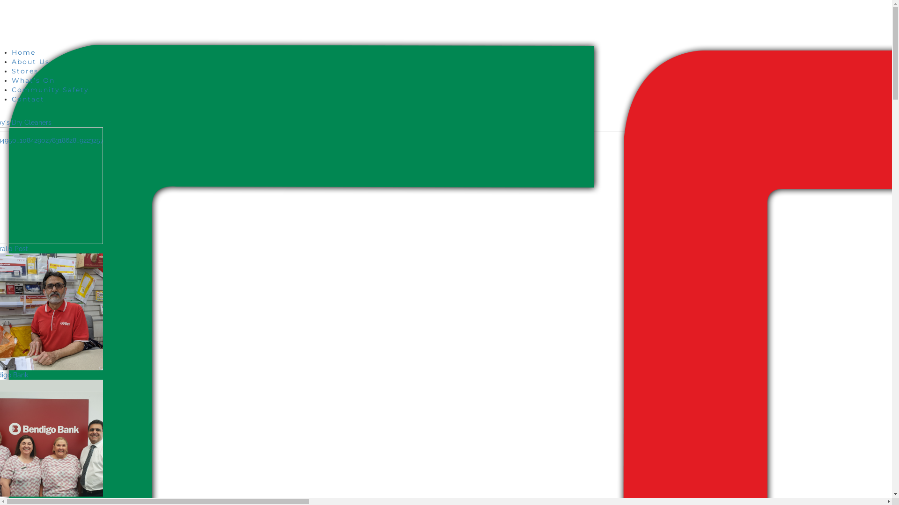 The width and height of the screenshot is (899, 505). What do you see at coordinates (25, 70) in the screenshot?
I see `'Stores'` at bounding box center [25, 70].